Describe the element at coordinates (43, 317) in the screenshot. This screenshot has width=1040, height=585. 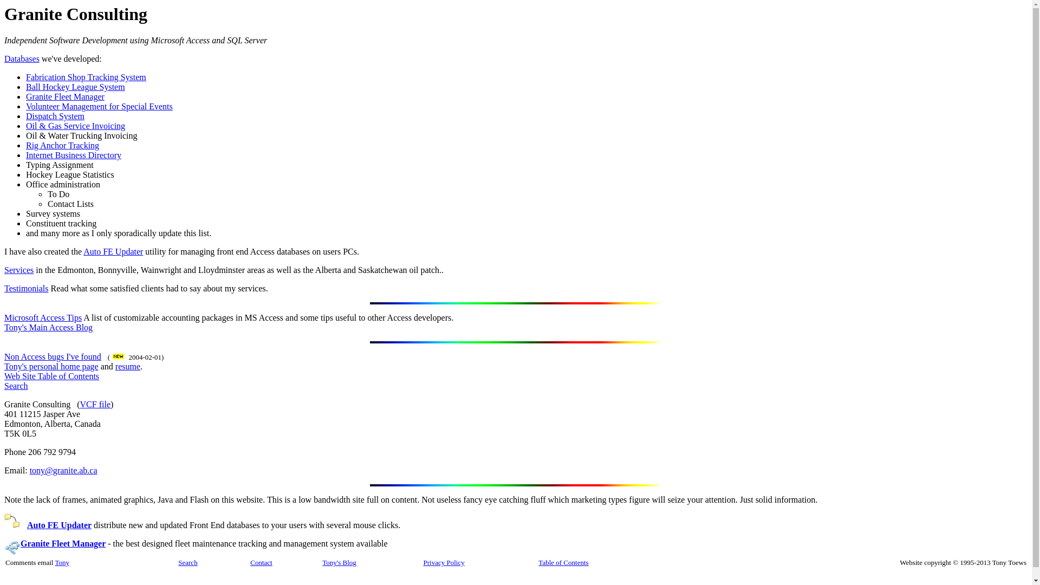
I see `'Microsoft Access Tips'` at that location.